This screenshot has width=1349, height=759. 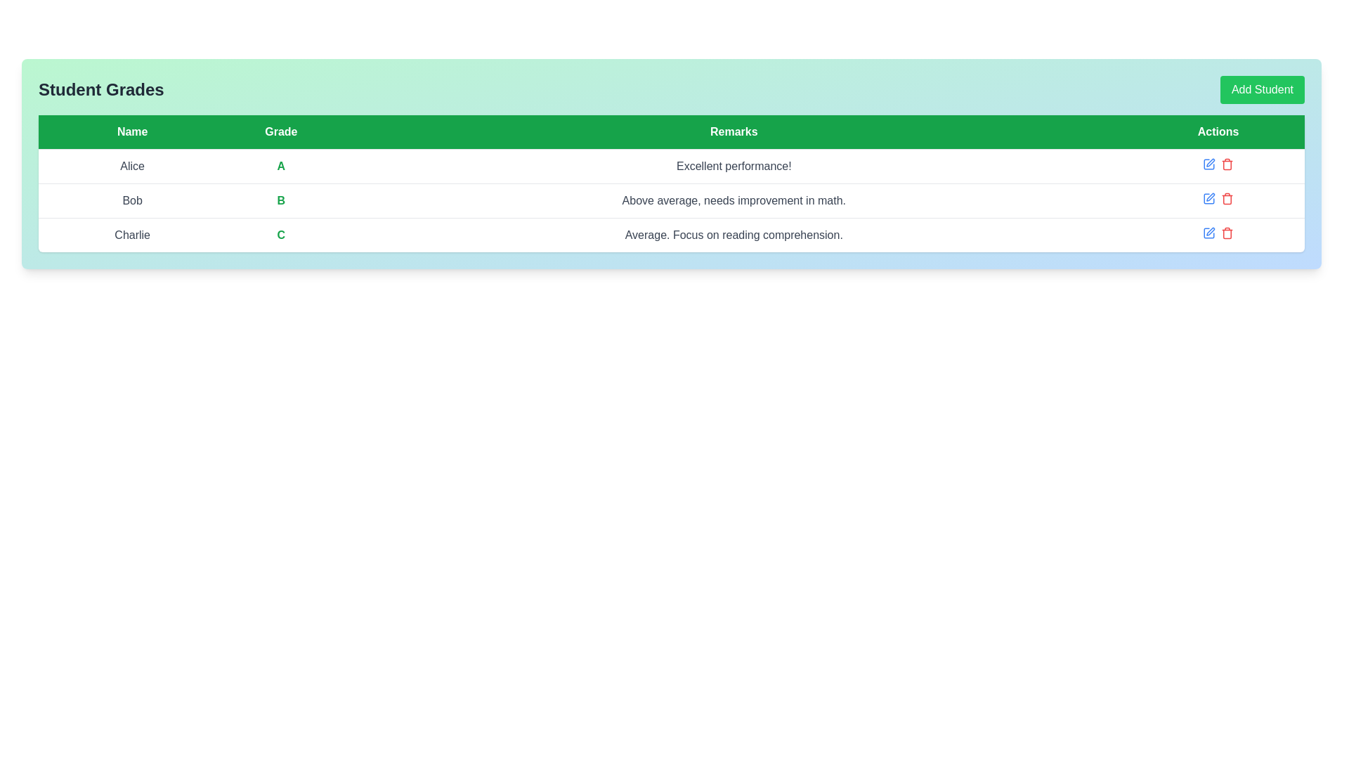 I want to click on text content displaying grade 'B' for the student named 'Bob' in the second cell of the 'Grade' column, so click(x=281, y=200).